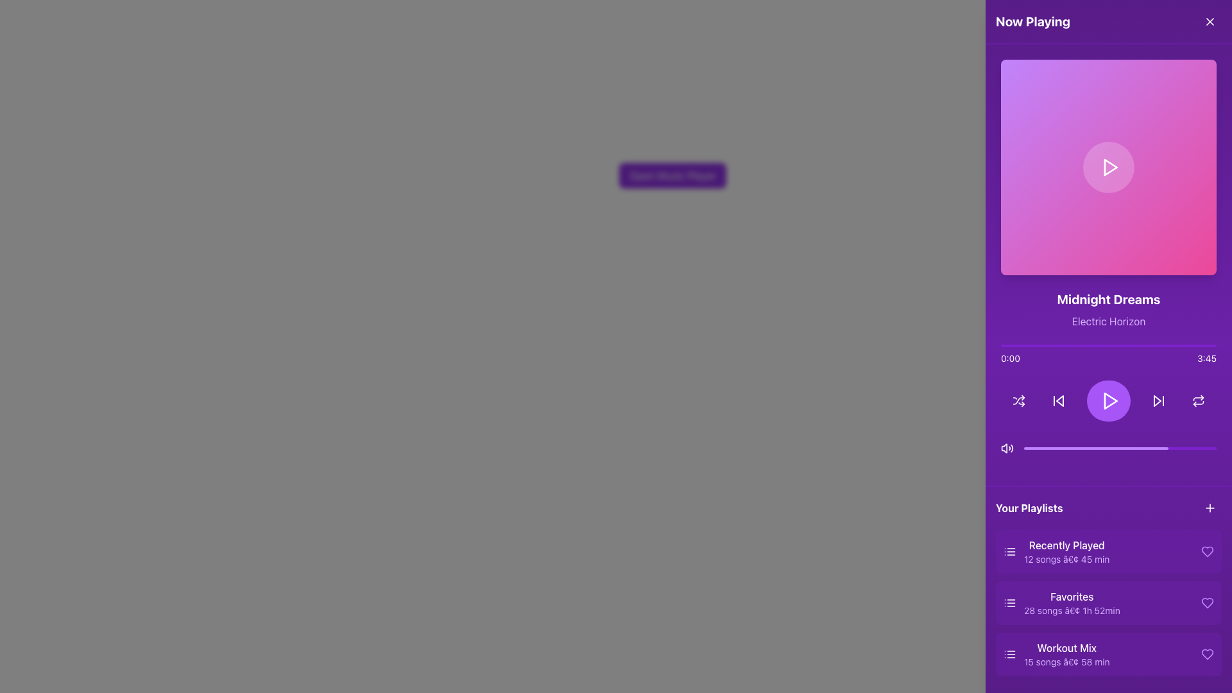 The image size is (1232, 693). Describe the element at coordinates (1197, 400) in the screenshot. I see `the circular repeat action button with a double-arrow icon, located at the bottom-right of the music player interface` at that location.